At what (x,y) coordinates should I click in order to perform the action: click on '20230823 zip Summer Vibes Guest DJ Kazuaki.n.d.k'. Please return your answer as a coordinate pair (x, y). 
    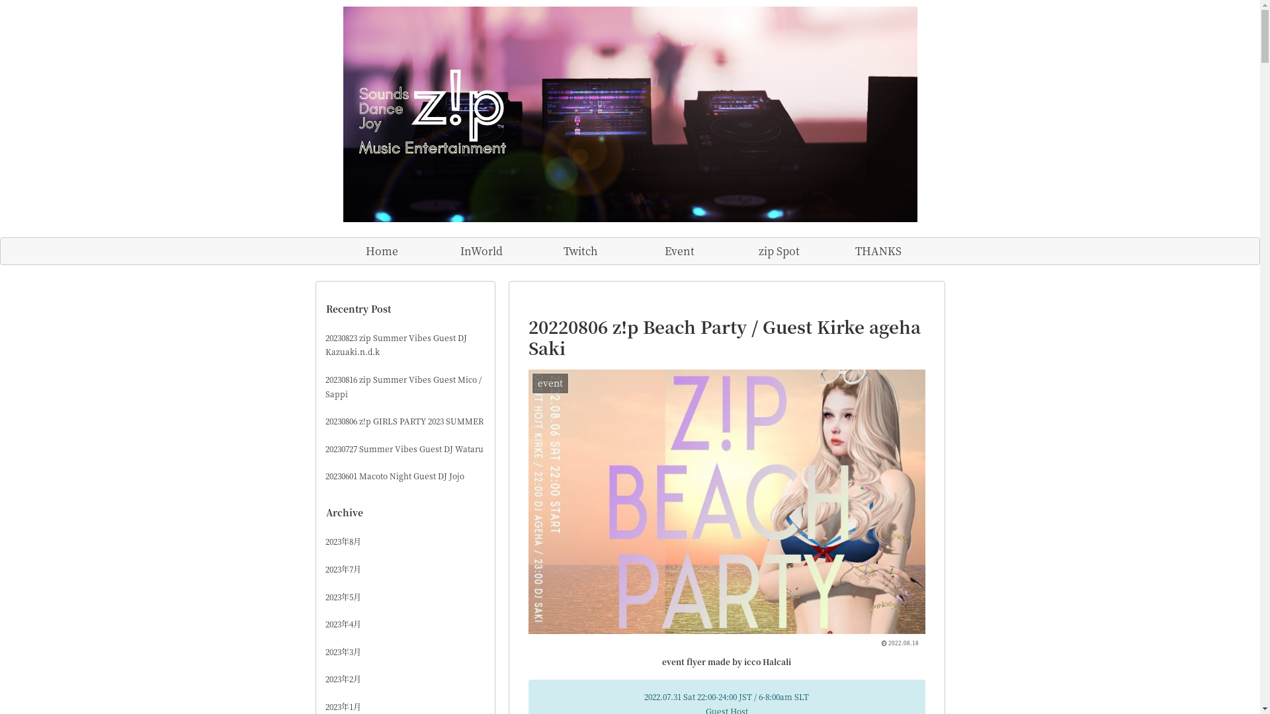
    Looking at the image, I should click on (405, 344).